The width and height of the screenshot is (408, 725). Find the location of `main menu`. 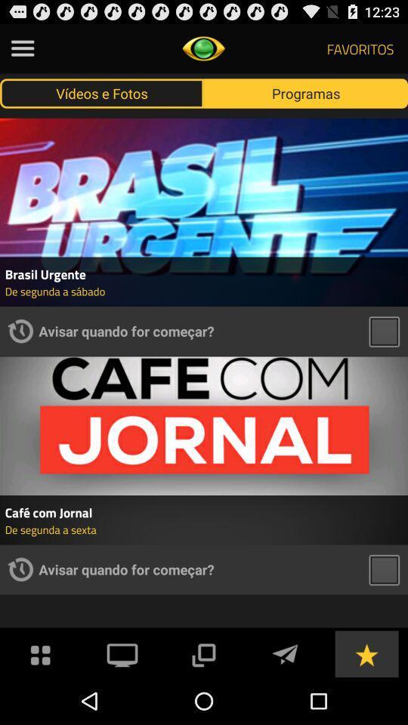

main menu is located at coordinates (41, 652).